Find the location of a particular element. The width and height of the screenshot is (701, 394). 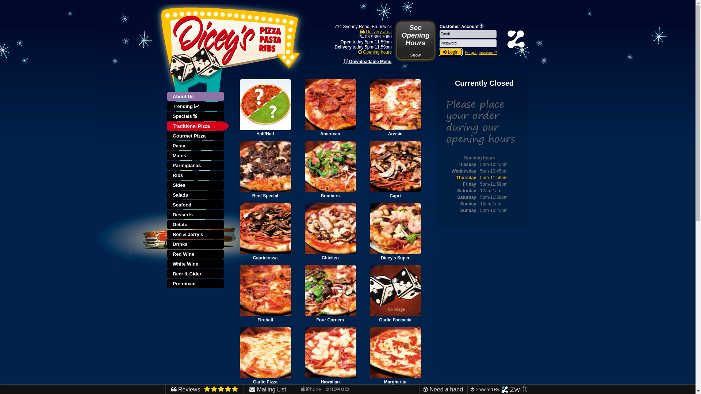

'Trending' is located at coordinates (166, 107).